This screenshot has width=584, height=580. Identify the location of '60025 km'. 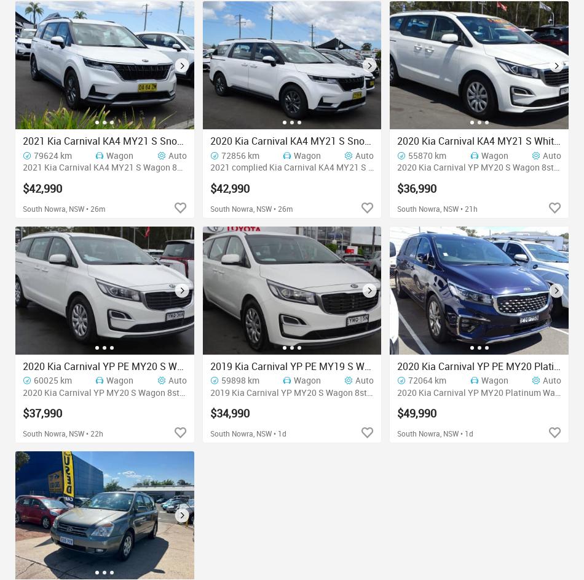
(52, 379).